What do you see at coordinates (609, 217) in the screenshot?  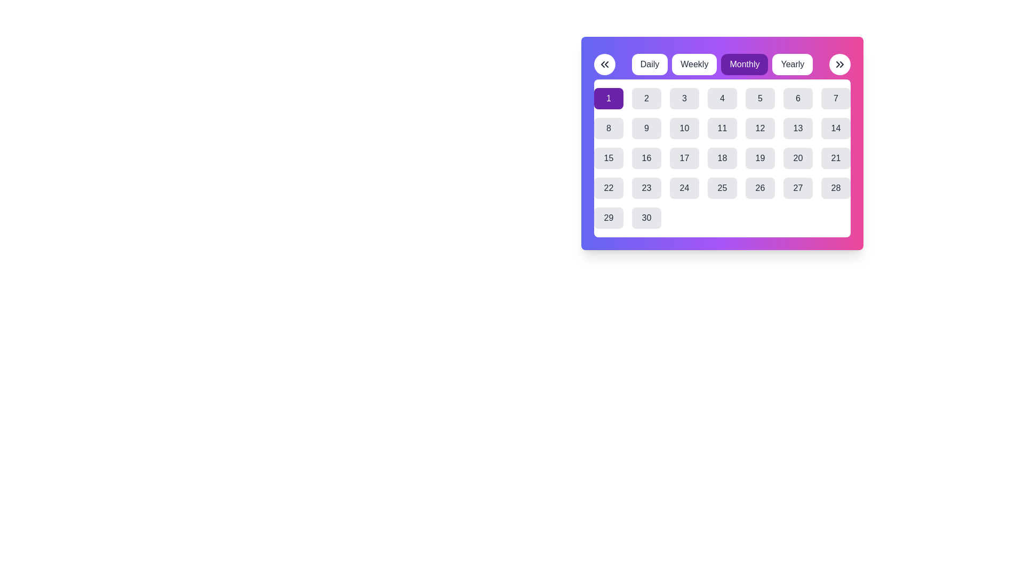 I see `the button representing the date 29th` at bounding box center [609, 217].